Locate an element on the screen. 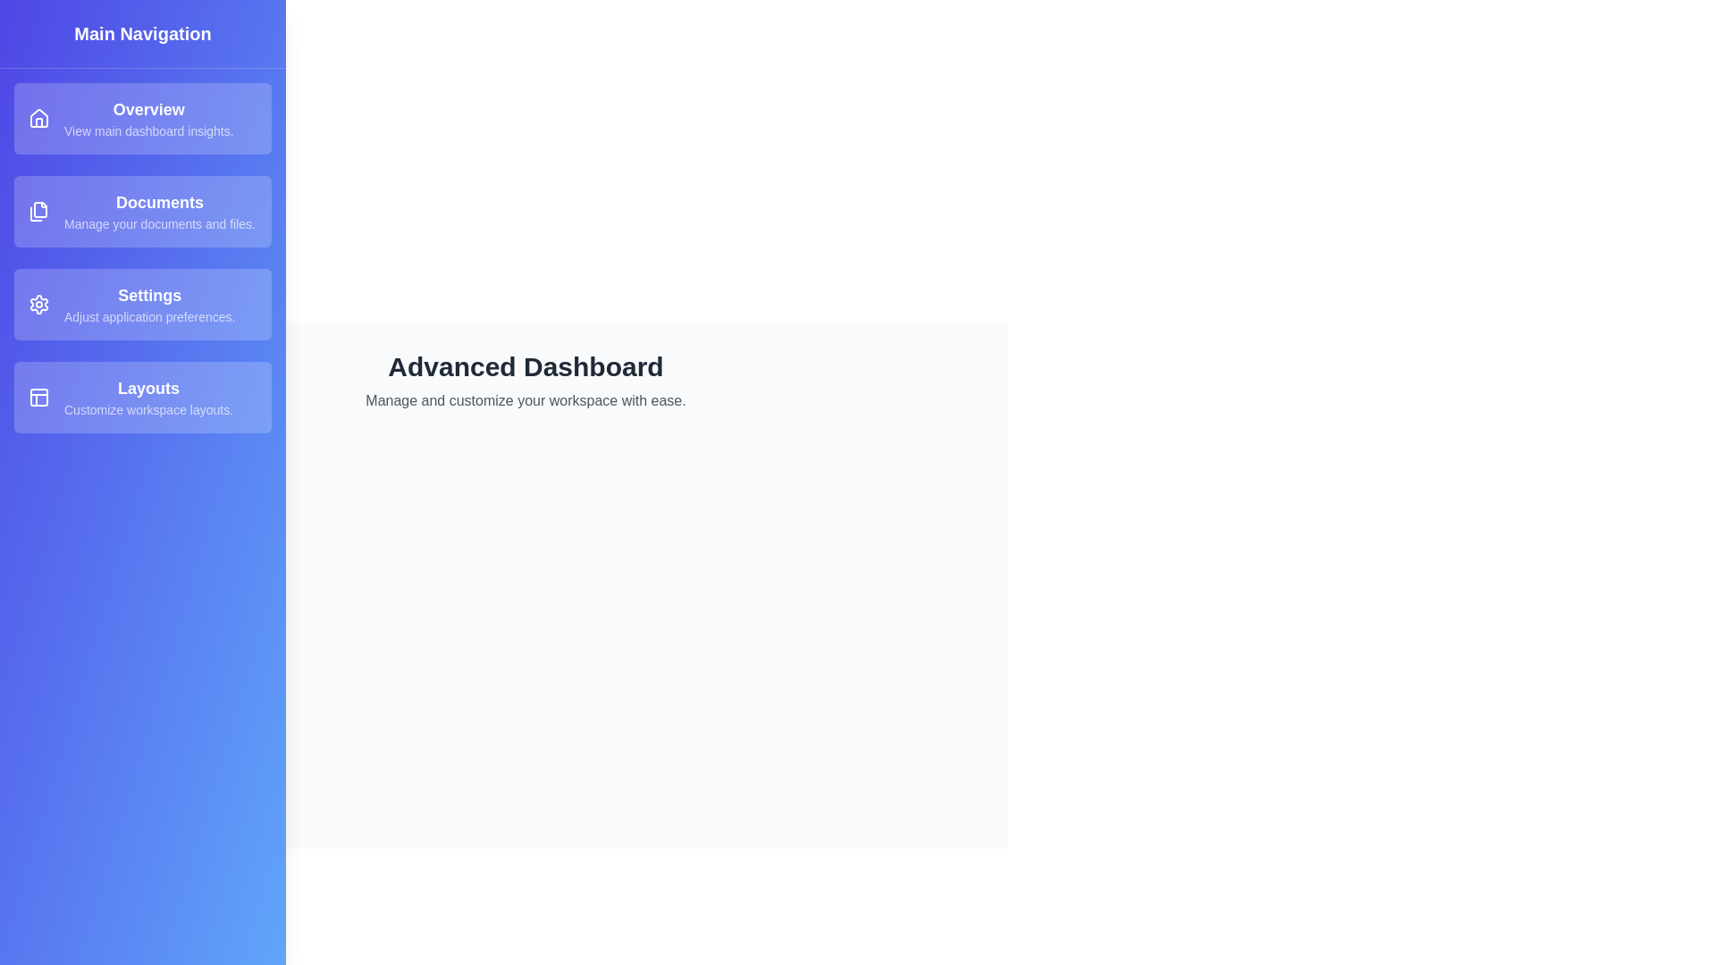 The image size is (1716, 965). the description of the section Layouts is located at coordinates (141, 396).